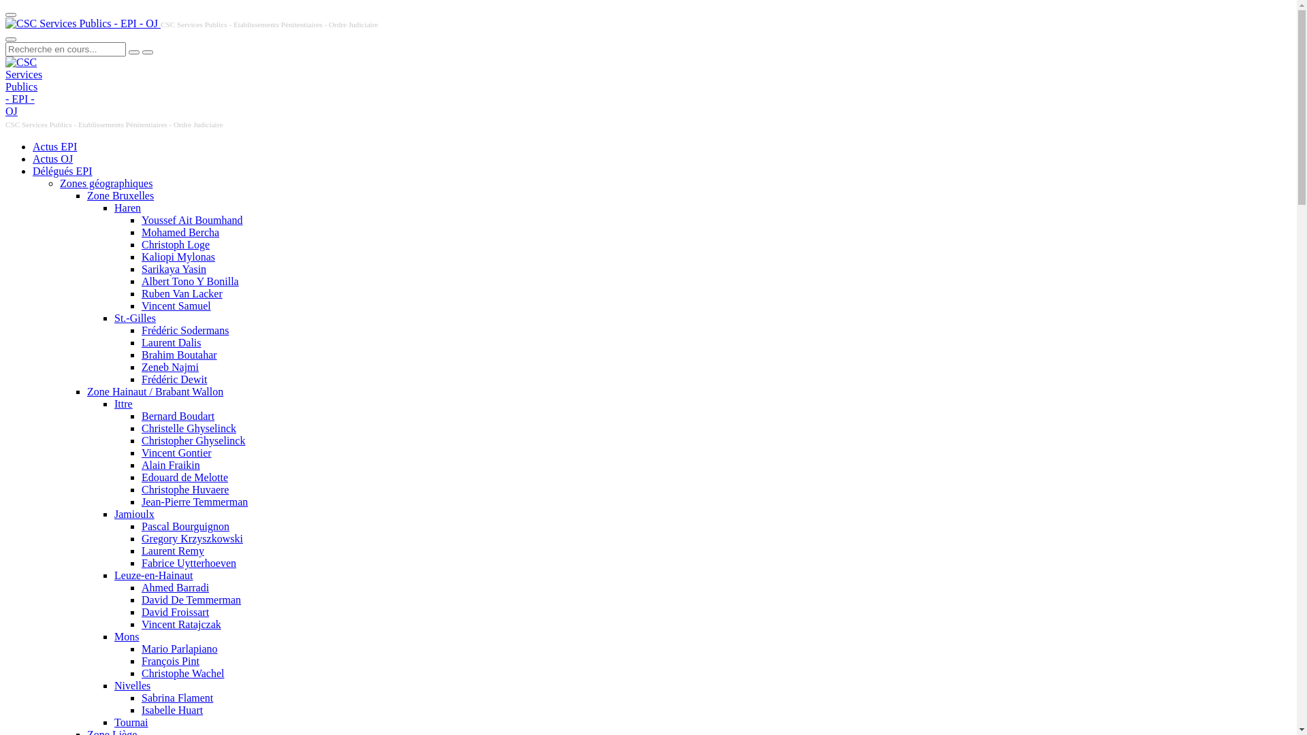 This screenshot has height=735, width=1307. Describe the element at coordinates (184, 489) in the screenshot. I see `'Christophe Huvaere'` at that location.